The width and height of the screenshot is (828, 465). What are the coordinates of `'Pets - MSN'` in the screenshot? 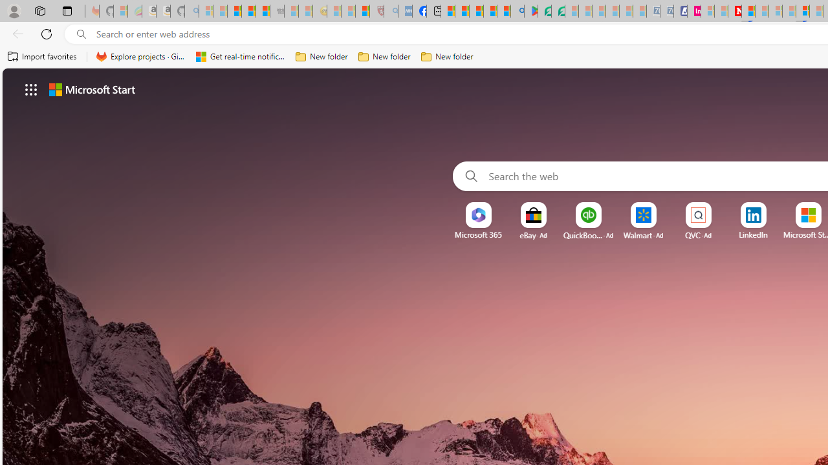 It's located at (489, 11).